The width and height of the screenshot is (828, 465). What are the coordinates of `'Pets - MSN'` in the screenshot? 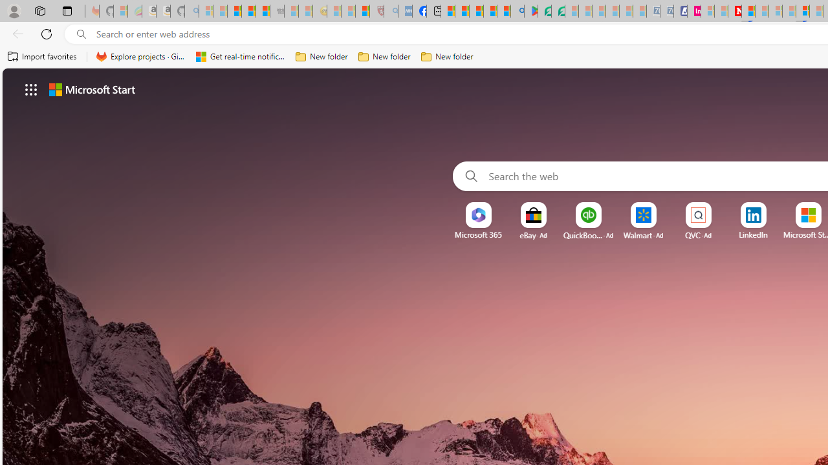 It's located at (489, 11).